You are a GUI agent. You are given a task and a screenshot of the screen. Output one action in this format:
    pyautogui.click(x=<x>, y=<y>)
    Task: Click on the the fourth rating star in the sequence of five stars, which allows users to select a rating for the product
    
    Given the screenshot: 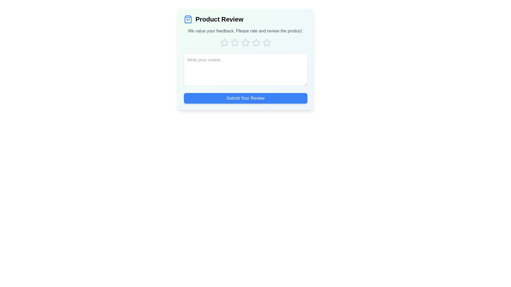 What is the action you would take?
    pyautogui.click(x=256, y=42)
    